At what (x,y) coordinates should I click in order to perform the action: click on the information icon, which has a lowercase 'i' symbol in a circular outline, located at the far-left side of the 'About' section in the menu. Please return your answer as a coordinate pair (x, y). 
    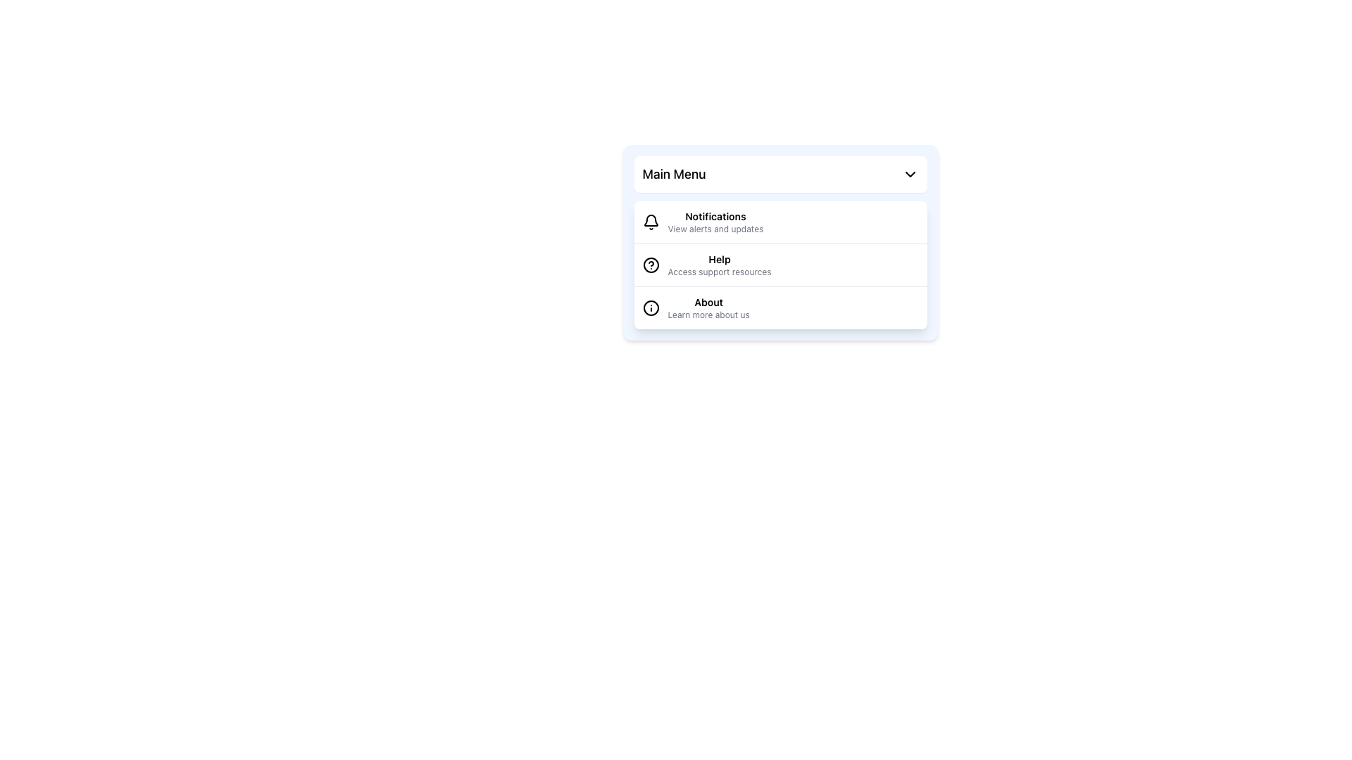
    Looking at the image, I should click on (650, 308).